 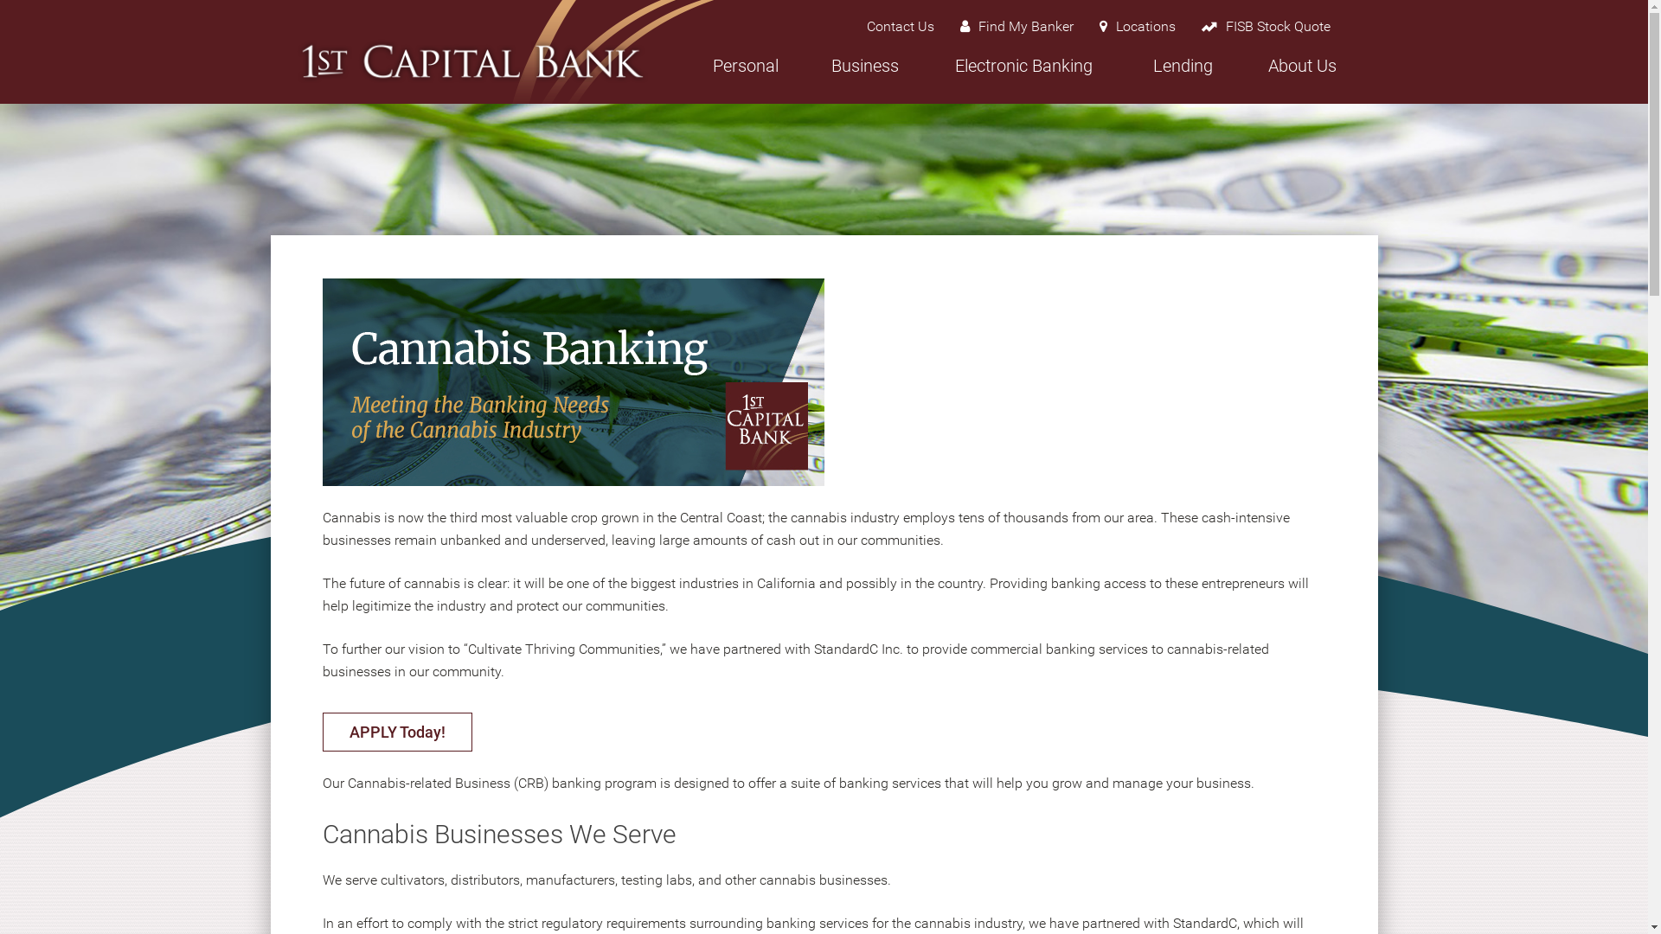 I want to click on 'Personal', so click(x=744, y=74).